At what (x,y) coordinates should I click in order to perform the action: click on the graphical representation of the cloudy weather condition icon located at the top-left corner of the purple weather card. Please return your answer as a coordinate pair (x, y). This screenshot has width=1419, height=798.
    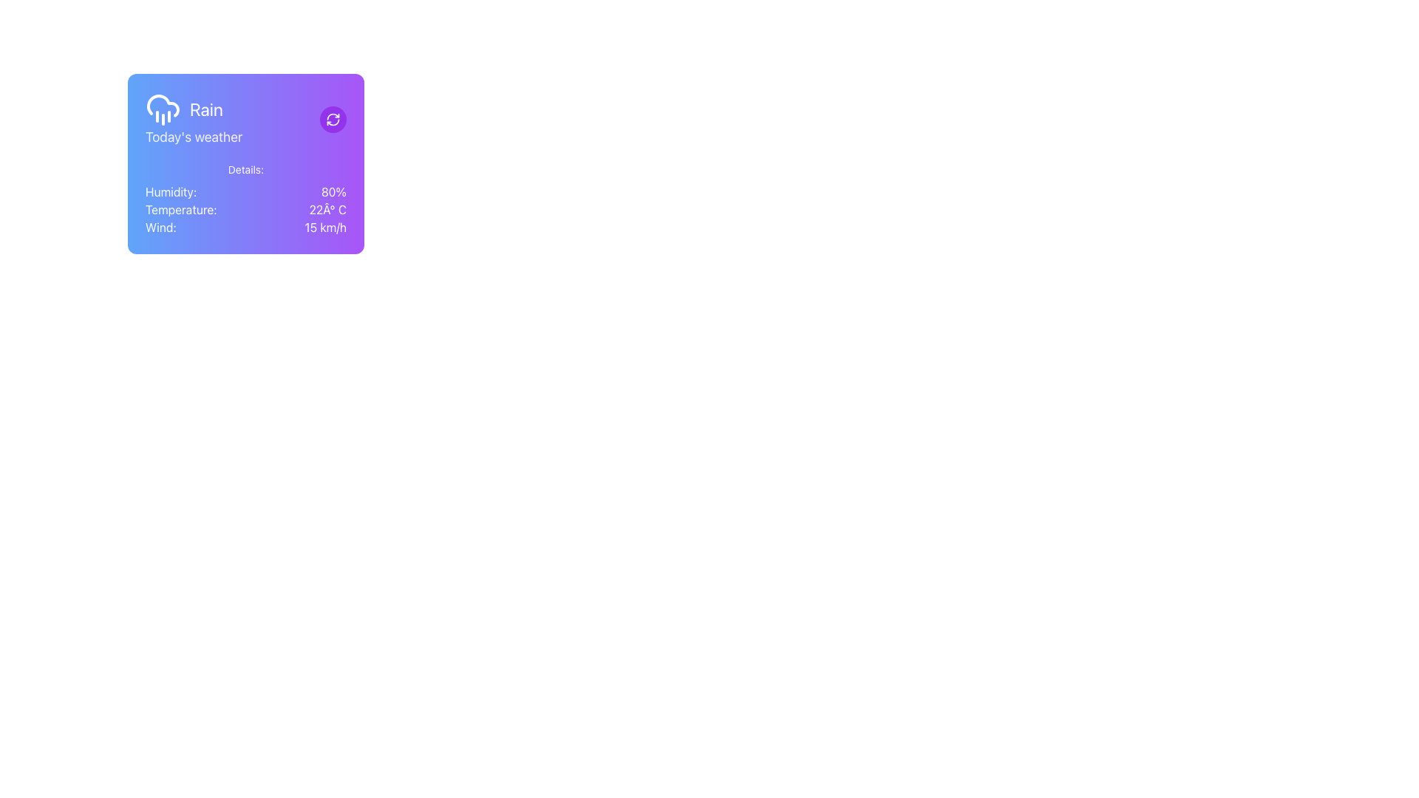
    Looking at the image, I should click on (163, 105).